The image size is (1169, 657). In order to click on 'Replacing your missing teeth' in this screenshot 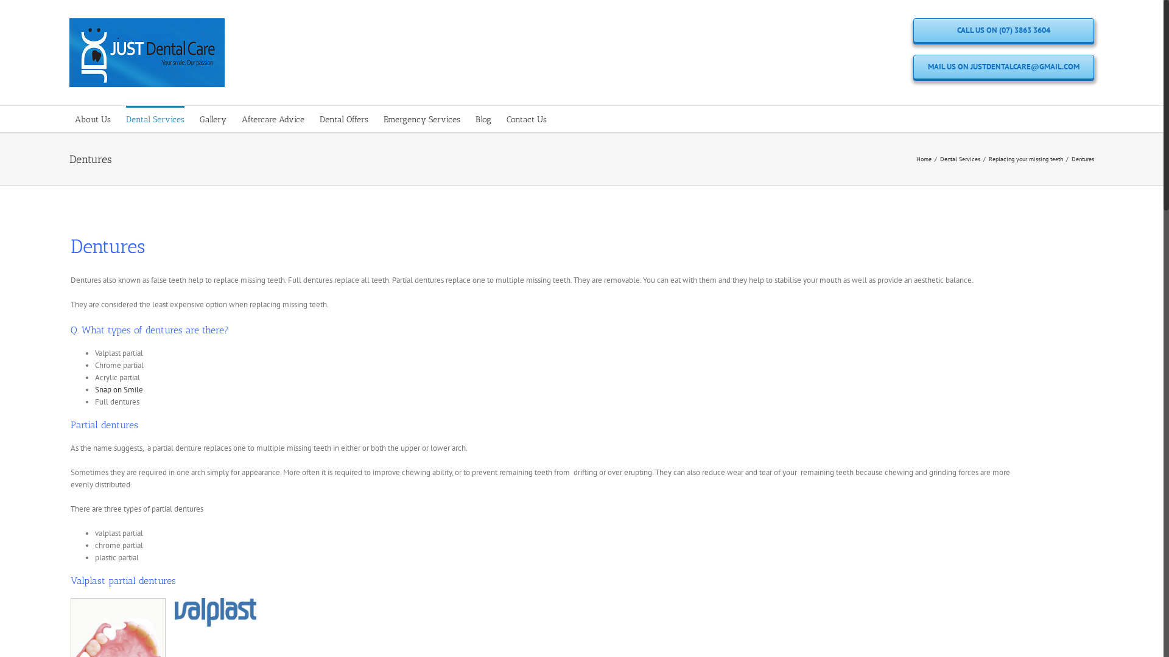, I will do `click(988, 158)`.